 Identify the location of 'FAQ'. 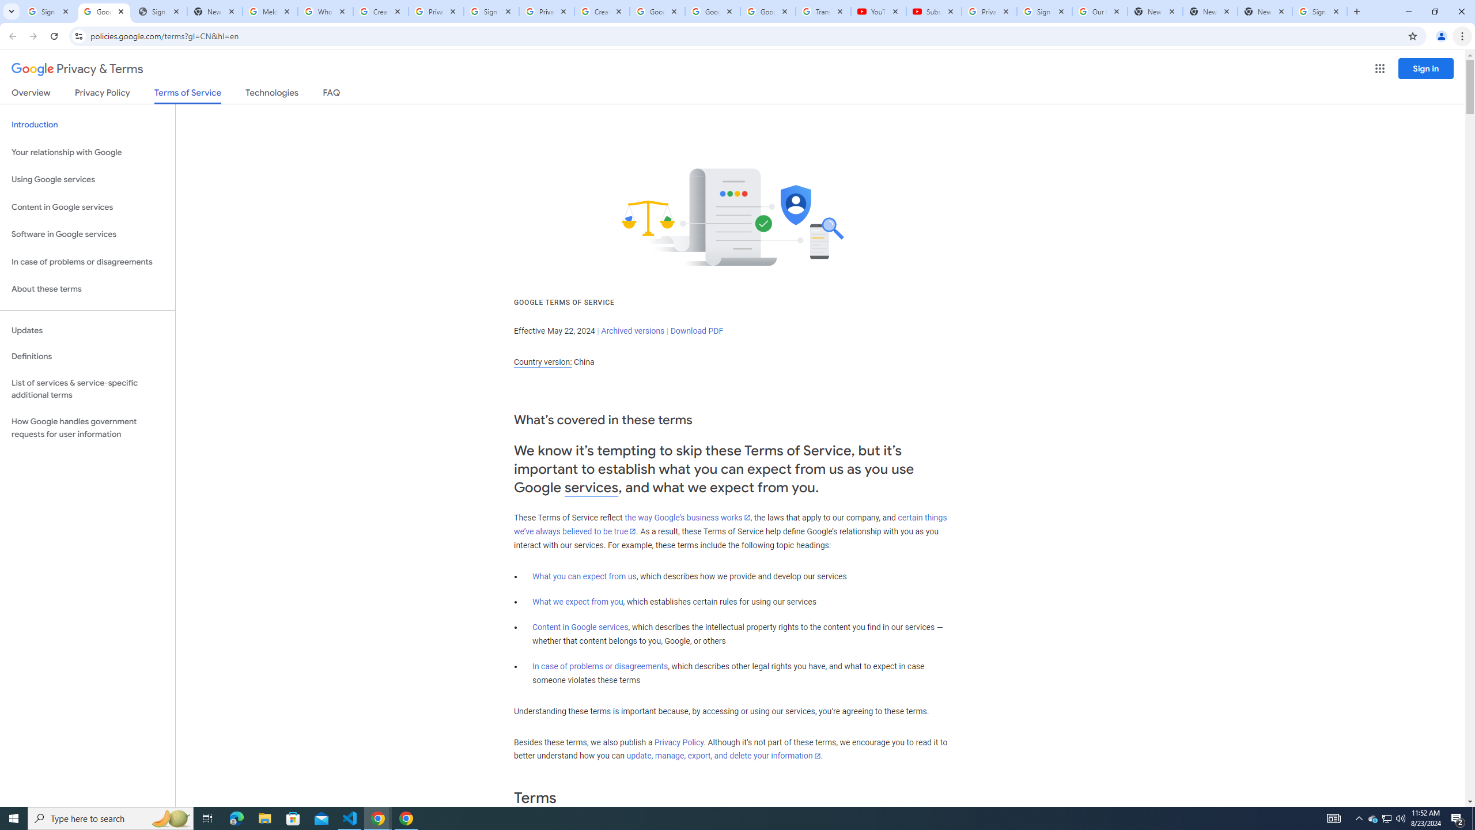
(331, 95).